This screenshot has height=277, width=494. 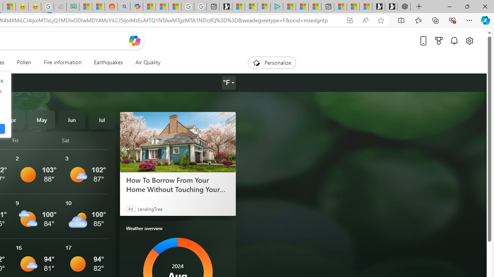 What do you see at coordinates (62, 62) in the screenshot?
I see `'Fire information'` at bounding box center [62, 62].